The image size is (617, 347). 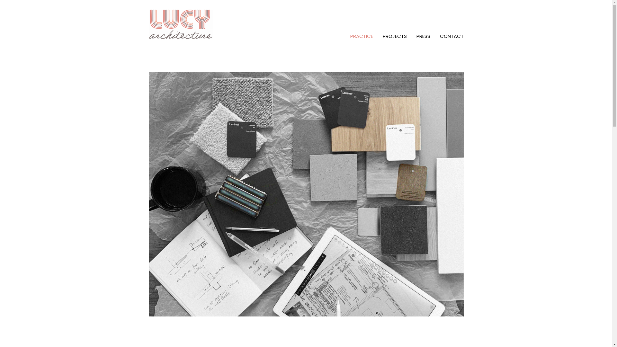 What do you see at coordinates (394, 37) in the screenshot?
I see `'PROJECTS'` at bounding box center [394, 37].